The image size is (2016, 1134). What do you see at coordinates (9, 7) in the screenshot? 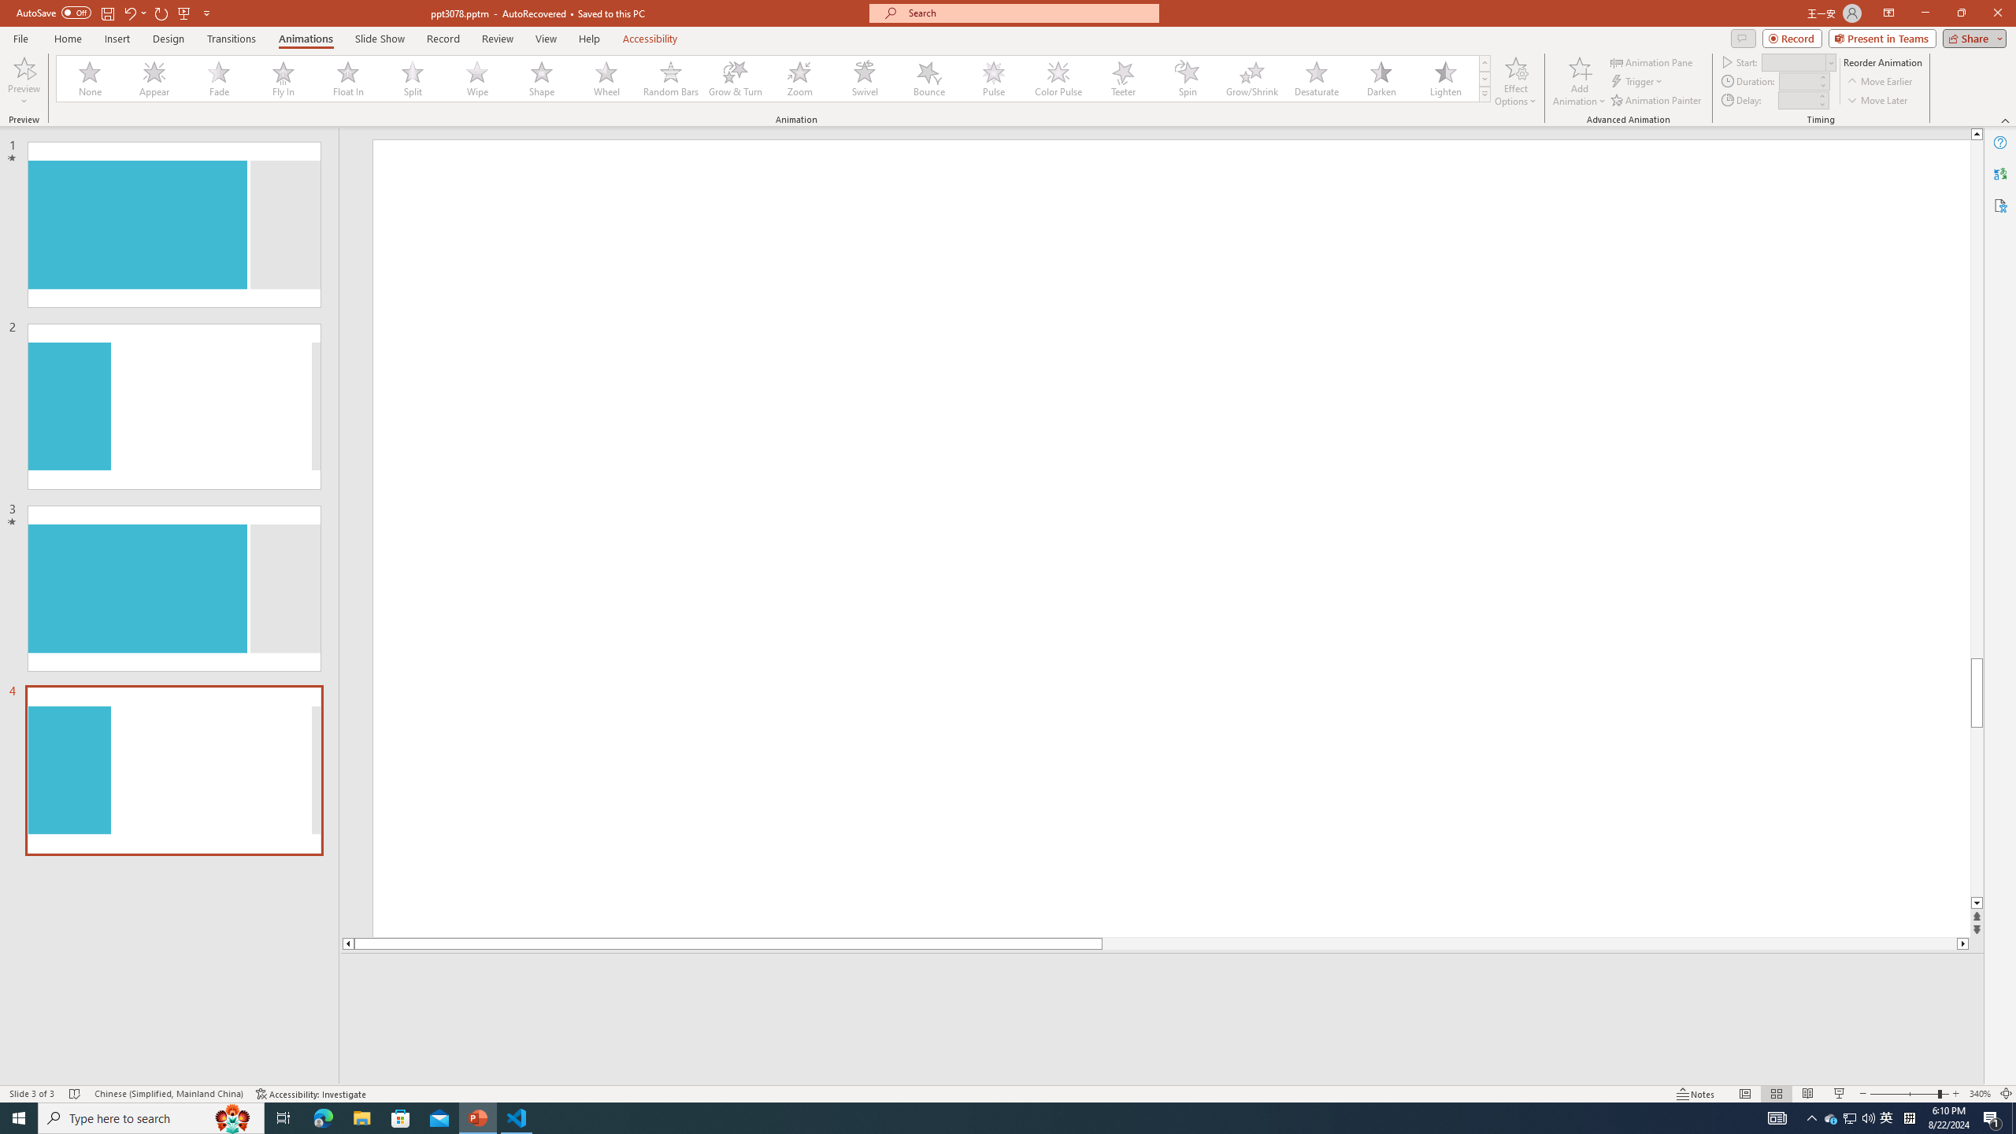
I see `'System'` at bounding box center [9, 7].